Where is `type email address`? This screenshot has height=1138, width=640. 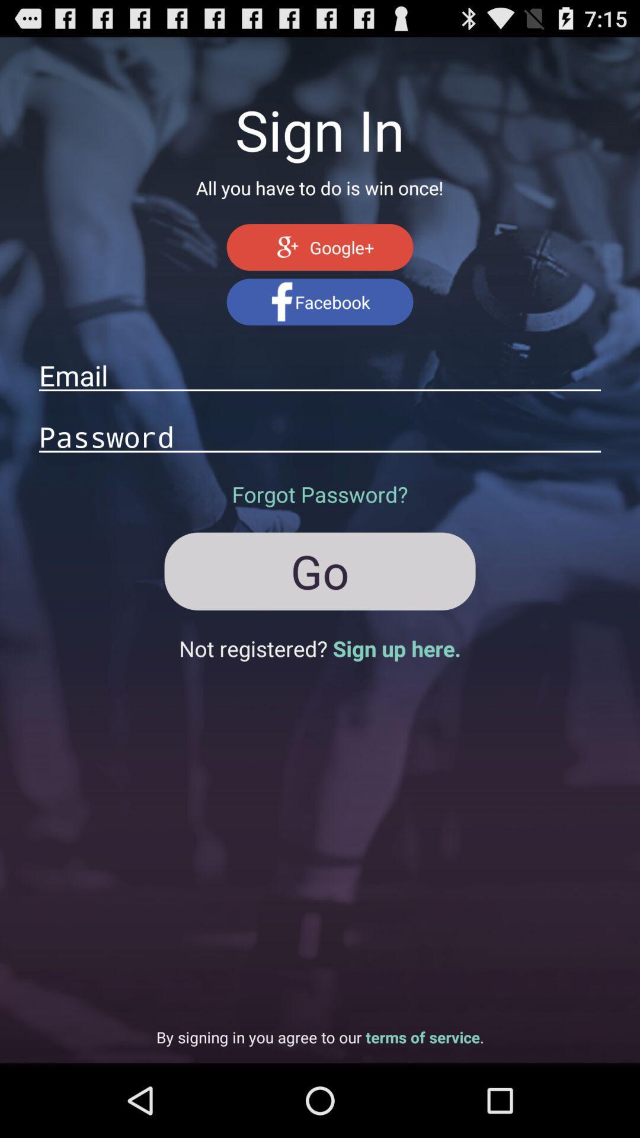 type email address is located at coordinates (320, 375).